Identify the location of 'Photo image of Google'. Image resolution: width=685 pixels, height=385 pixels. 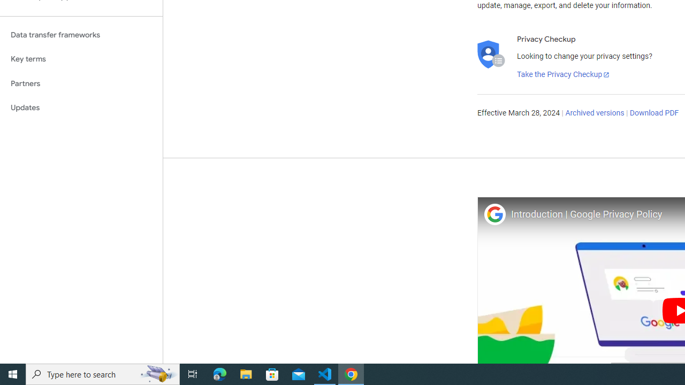
(494, 214).